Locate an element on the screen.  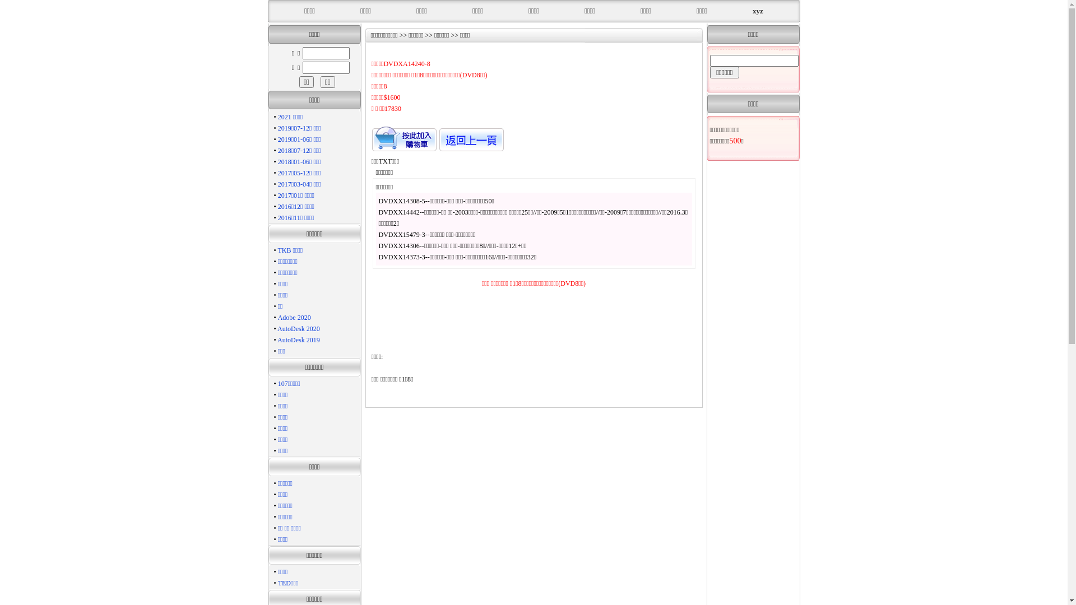
'xyz' is located at coordinates (758, 11).